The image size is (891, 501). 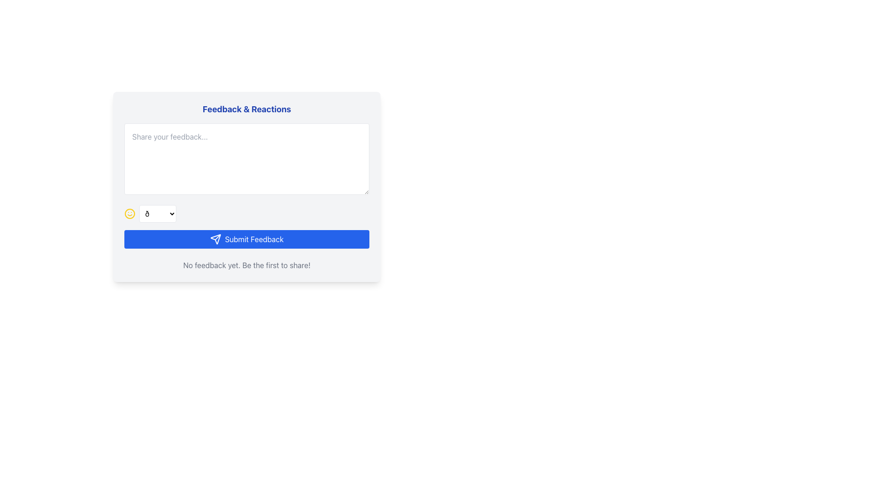 I want to click on the small paper airplane icon with a blue background, which is positioned to the left of the 'Submit Feedback' button, so click(x=215, y=239).